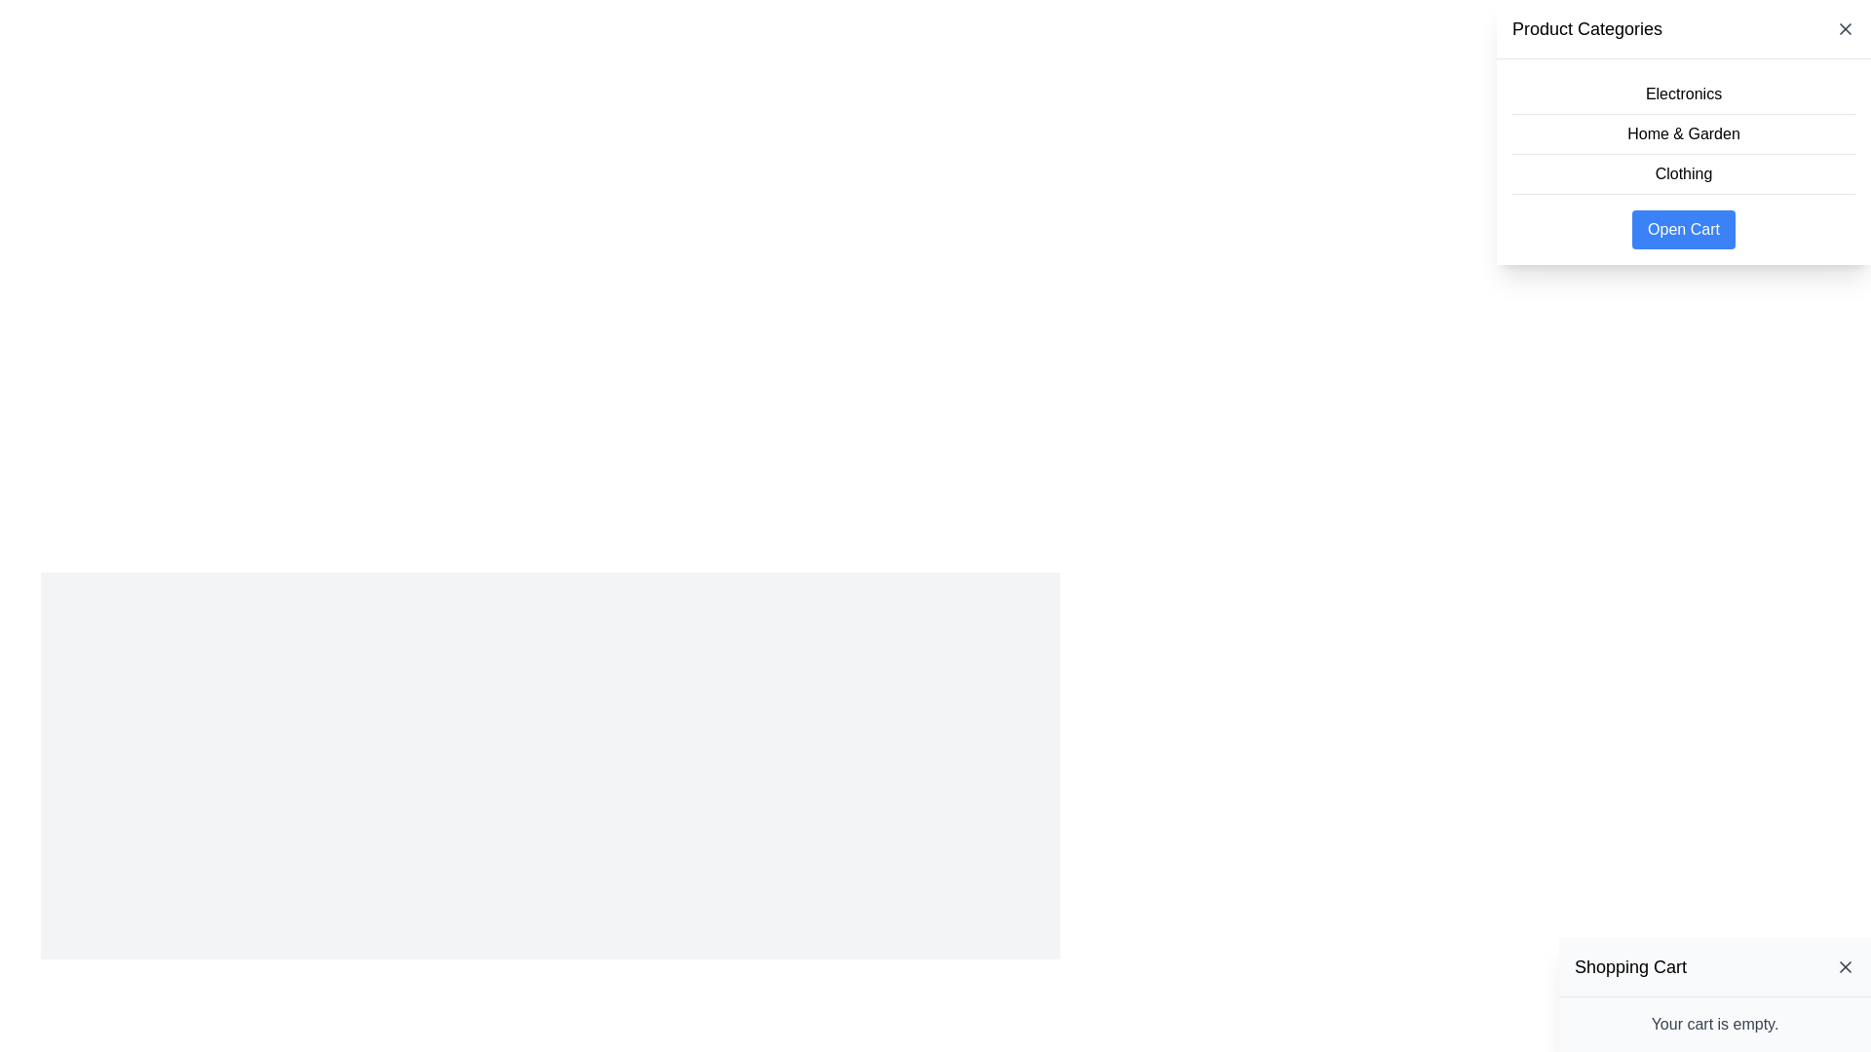 The image size is (1871, 1052). I want to click on the close button (X shape) in the top right corner of the Shopping Cart panel, so click(1845, 966).